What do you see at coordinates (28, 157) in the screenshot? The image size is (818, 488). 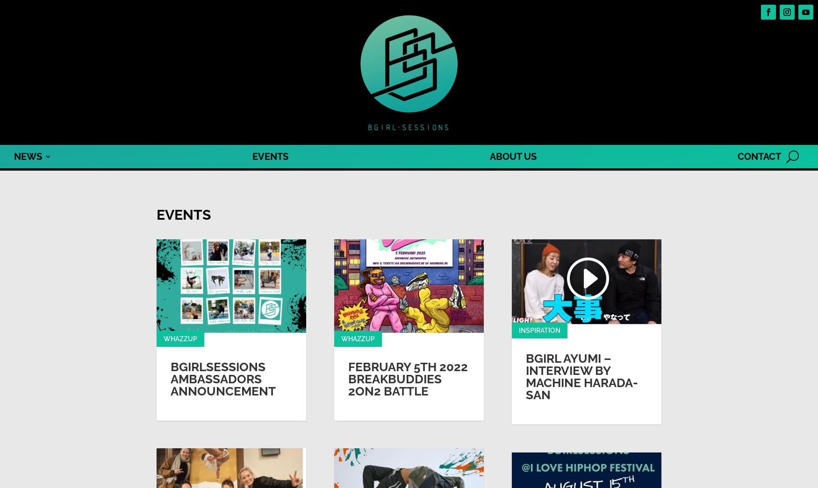 I see `'NEWS'` at bounding box center [28, 157].